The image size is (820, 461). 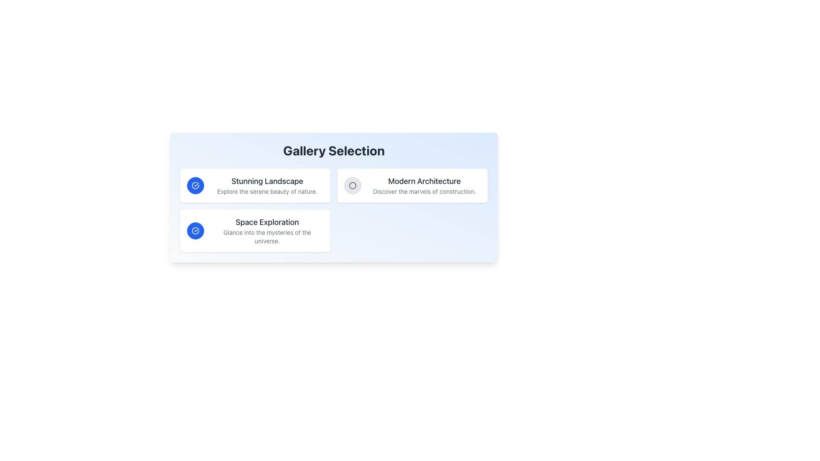 I want to click on the descriptive text element reading 'Explore the serene beauty of nature.' which is styled in a smaller gray font and positioned below the title 'Stunning Landscape.', so click(x=266, y=191).